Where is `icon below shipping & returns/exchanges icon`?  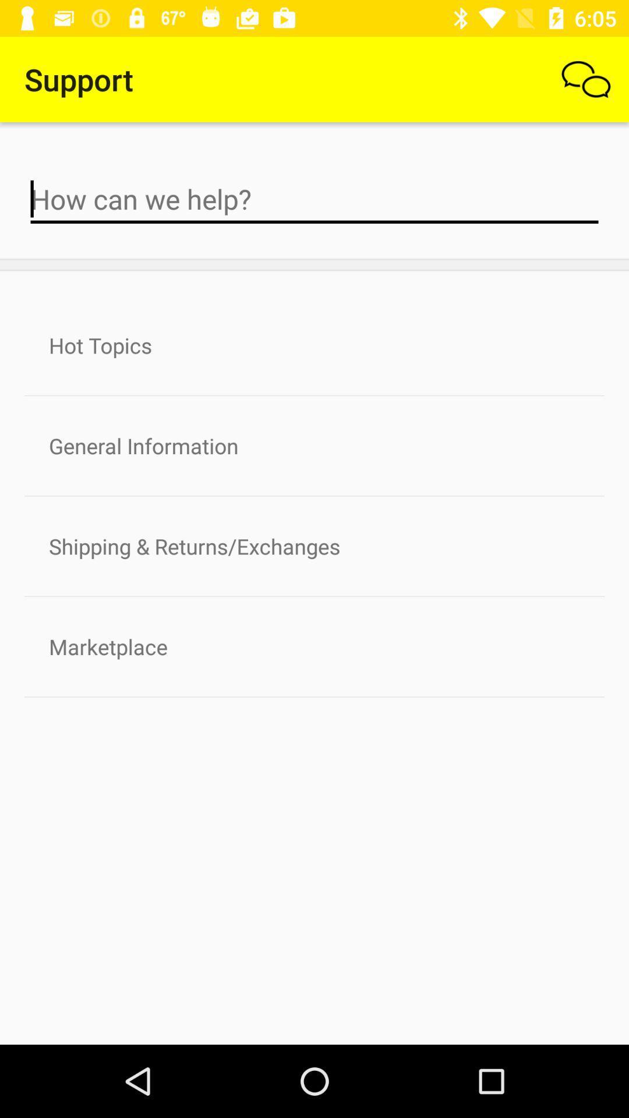
icon below shipping & returns/exchanges icon is located at coordinates (314, 646).